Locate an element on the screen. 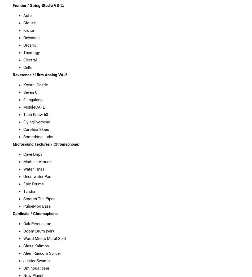 The image size is (252, 277). 'Wood Meets Metal Split' is located at coordinates (44, 238).